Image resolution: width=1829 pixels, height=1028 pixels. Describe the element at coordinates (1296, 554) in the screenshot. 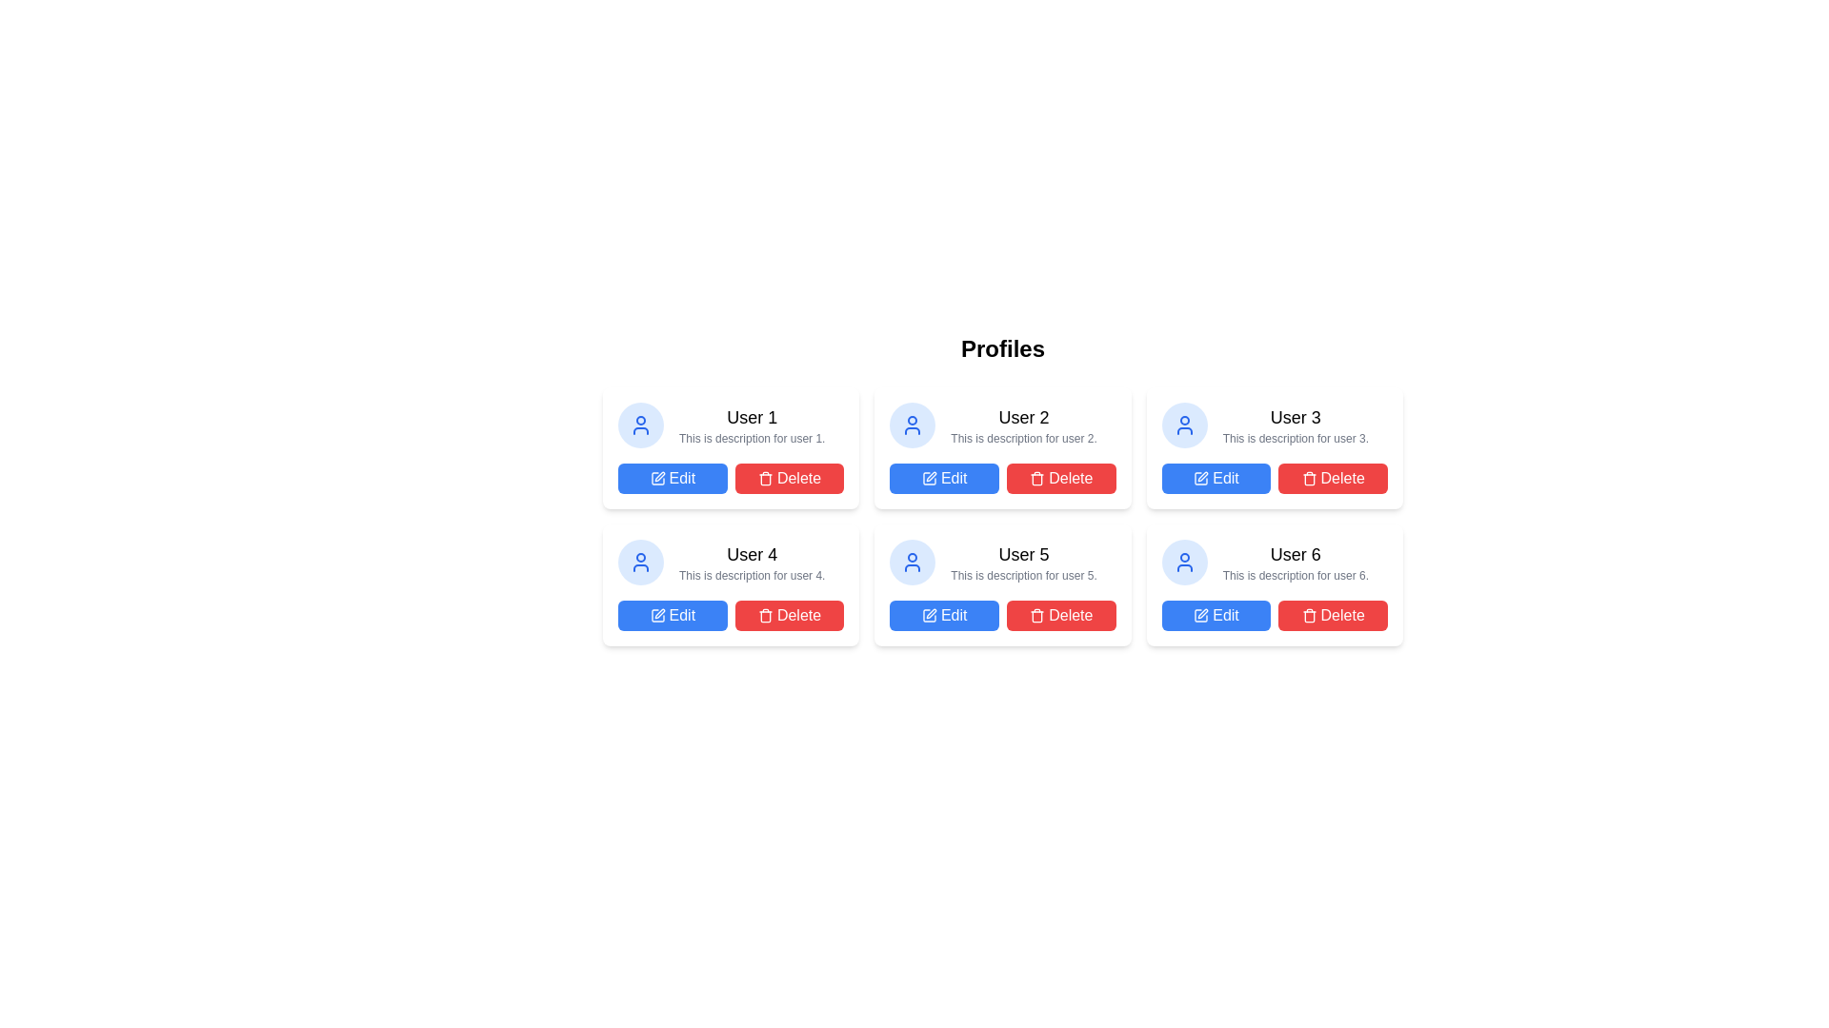

I see `text label displaying 'User 6' located in the bottom-right user profile card under the 'Profiles' header` at that location.